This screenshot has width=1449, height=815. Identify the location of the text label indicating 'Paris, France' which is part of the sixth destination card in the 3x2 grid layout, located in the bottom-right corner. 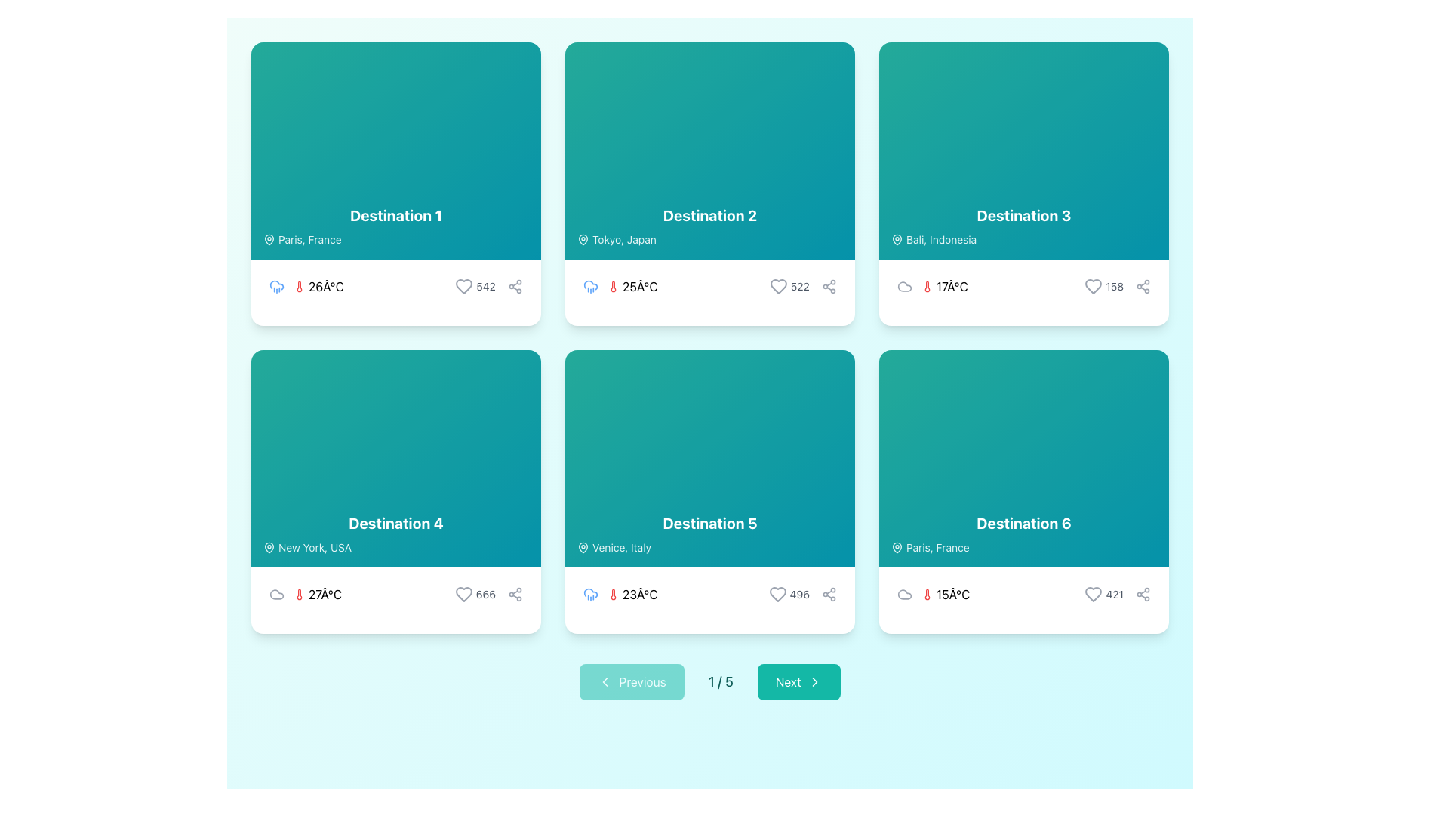
(309, 238).